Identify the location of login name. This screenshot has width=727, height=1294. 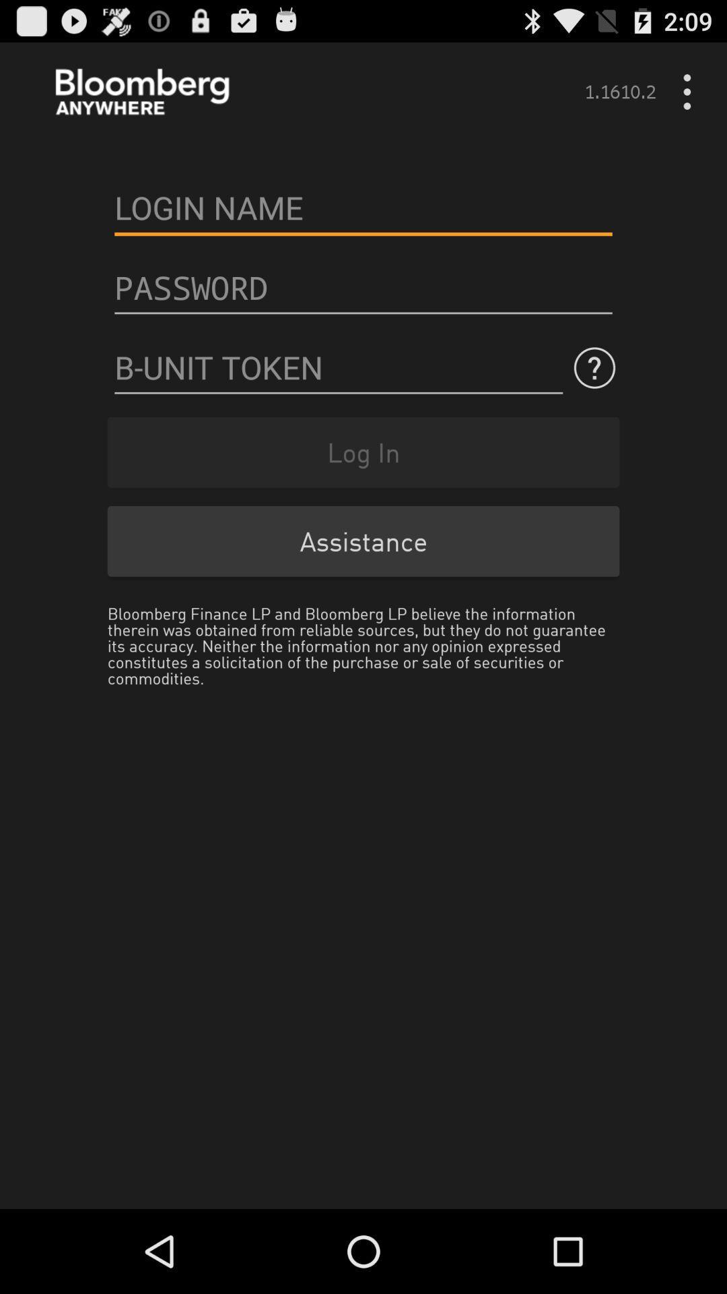
(363, 207).